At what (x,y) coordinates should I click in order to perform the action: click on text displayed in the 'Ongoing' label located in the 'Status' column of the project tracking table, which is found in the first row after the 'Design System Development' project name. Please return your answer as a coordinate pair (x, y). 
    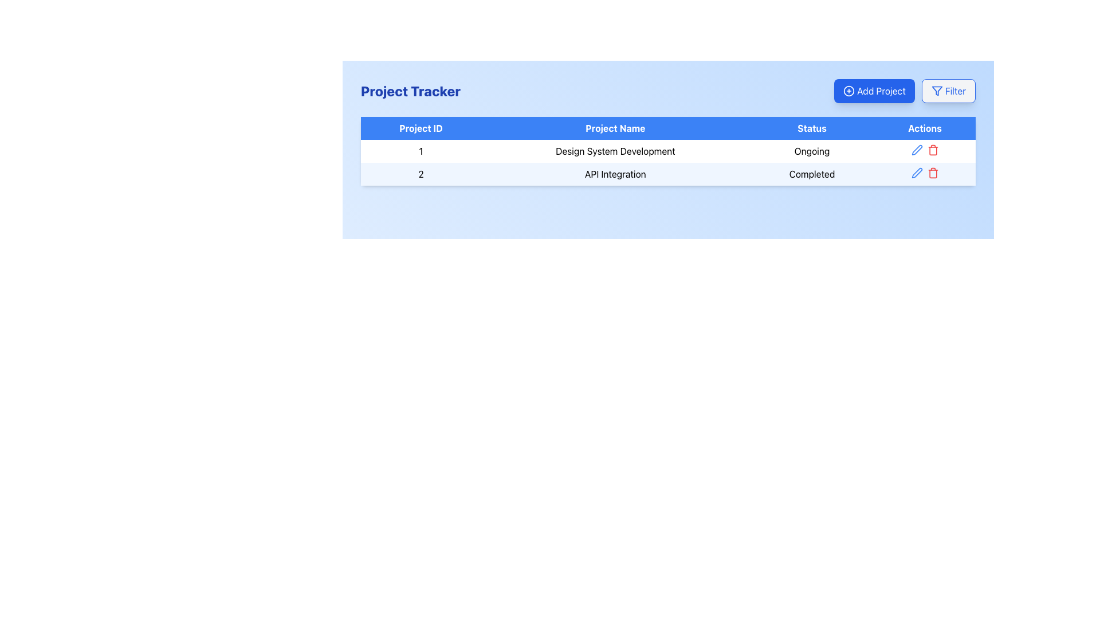
    Looking at the image, I should click on (811, 150).